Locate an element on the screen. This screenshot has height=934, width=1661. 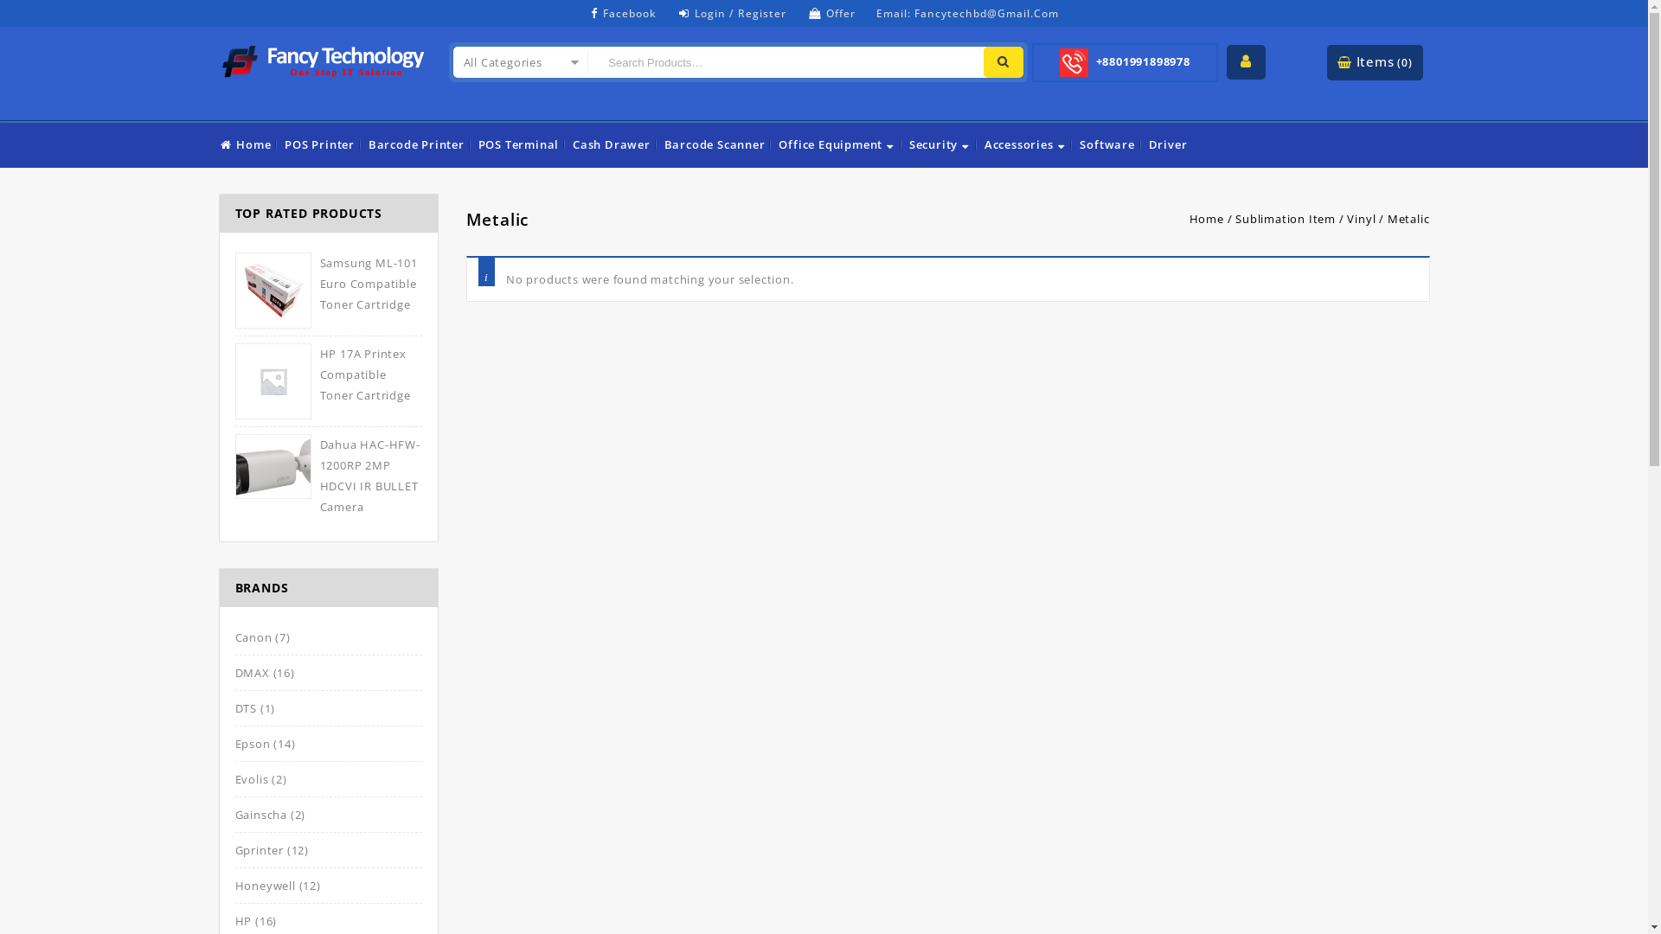
'Security' is located at coordinates (939, 143).